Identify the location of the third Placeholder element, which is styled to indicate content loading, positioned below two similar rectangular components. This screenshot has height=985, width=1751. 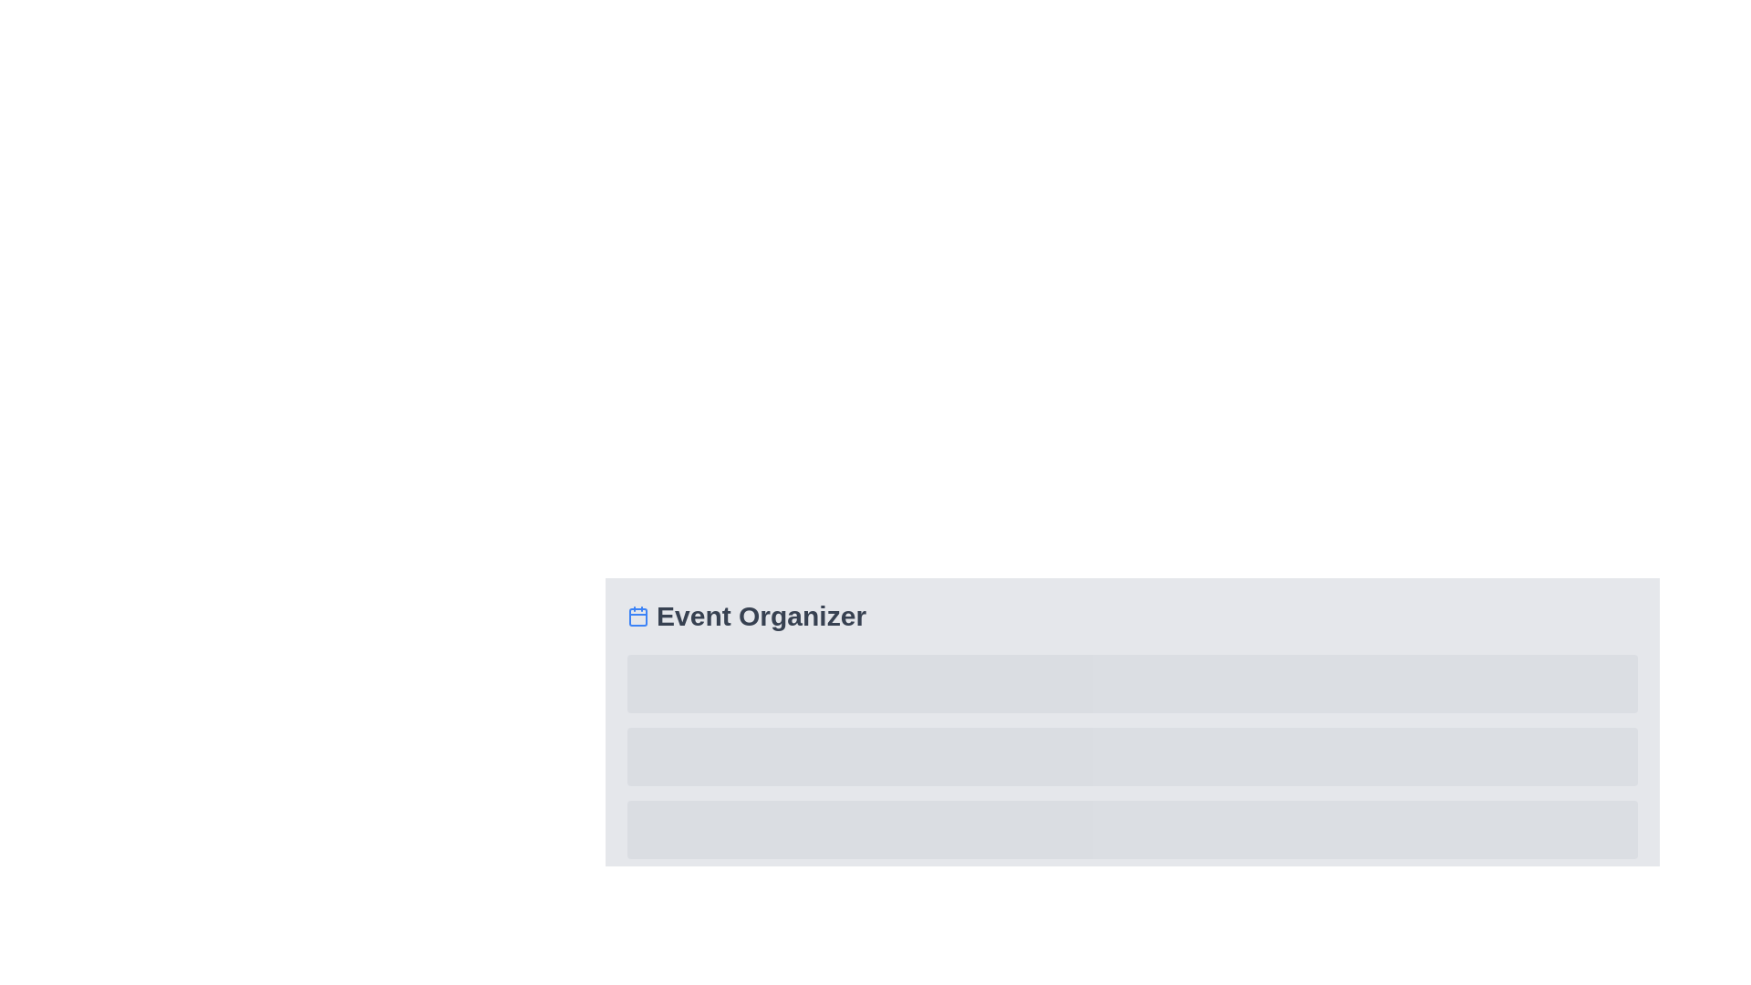
(1132, 830).